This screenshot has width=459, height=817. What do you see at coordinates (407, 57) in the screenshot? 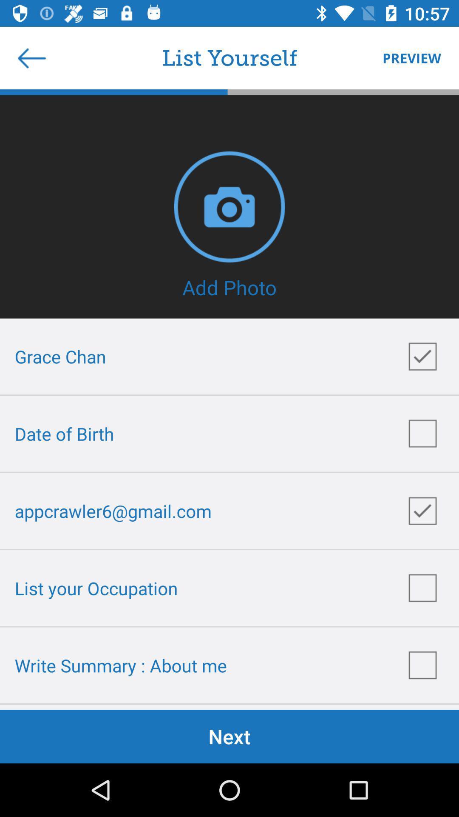
I see `preview item` at bounding box center [407, 57].